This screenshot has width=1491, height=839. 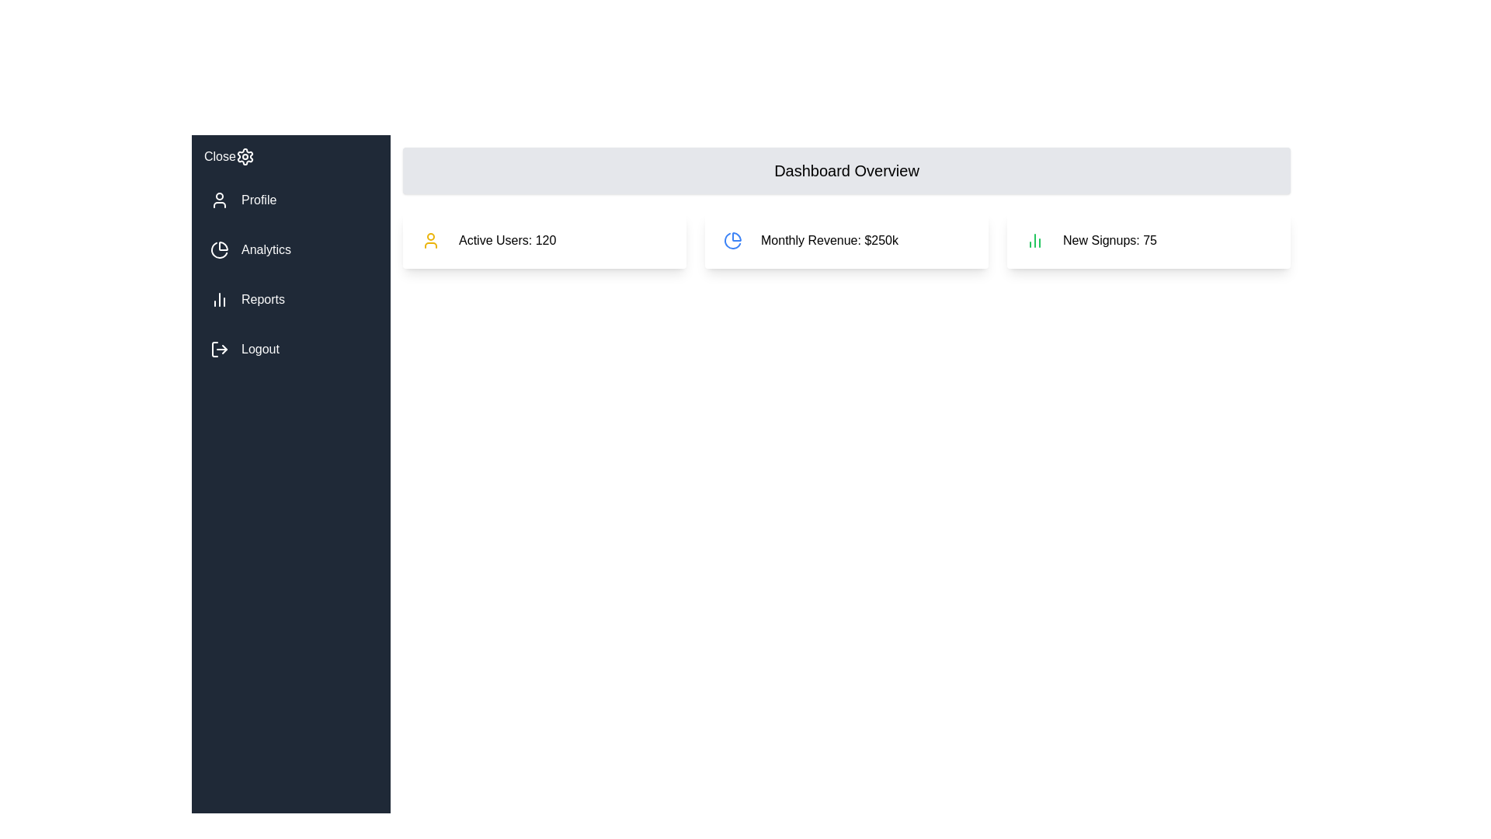 What do you see at coordinates (219, 350) in the screenshot?
I see `the logout SVG icon located in the bottom portion of the vertical sidebar, directly above the word 'Logout'` at bounding box center [219, 350].